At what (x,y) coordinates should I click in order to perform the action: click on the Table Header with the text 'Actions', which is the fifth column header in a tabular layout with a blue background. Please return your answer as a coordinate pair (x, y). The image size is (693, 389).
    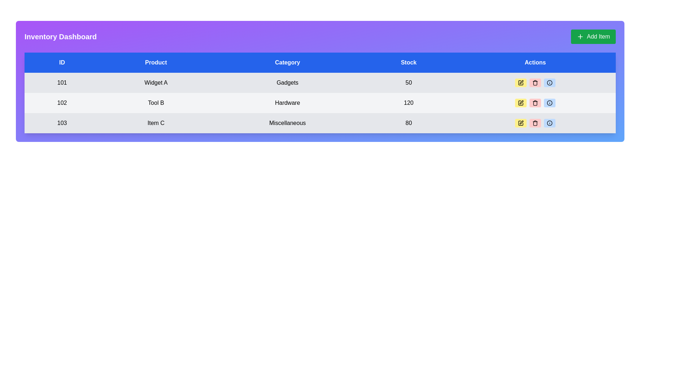
    Looking at the image, I should click on (535, 62).